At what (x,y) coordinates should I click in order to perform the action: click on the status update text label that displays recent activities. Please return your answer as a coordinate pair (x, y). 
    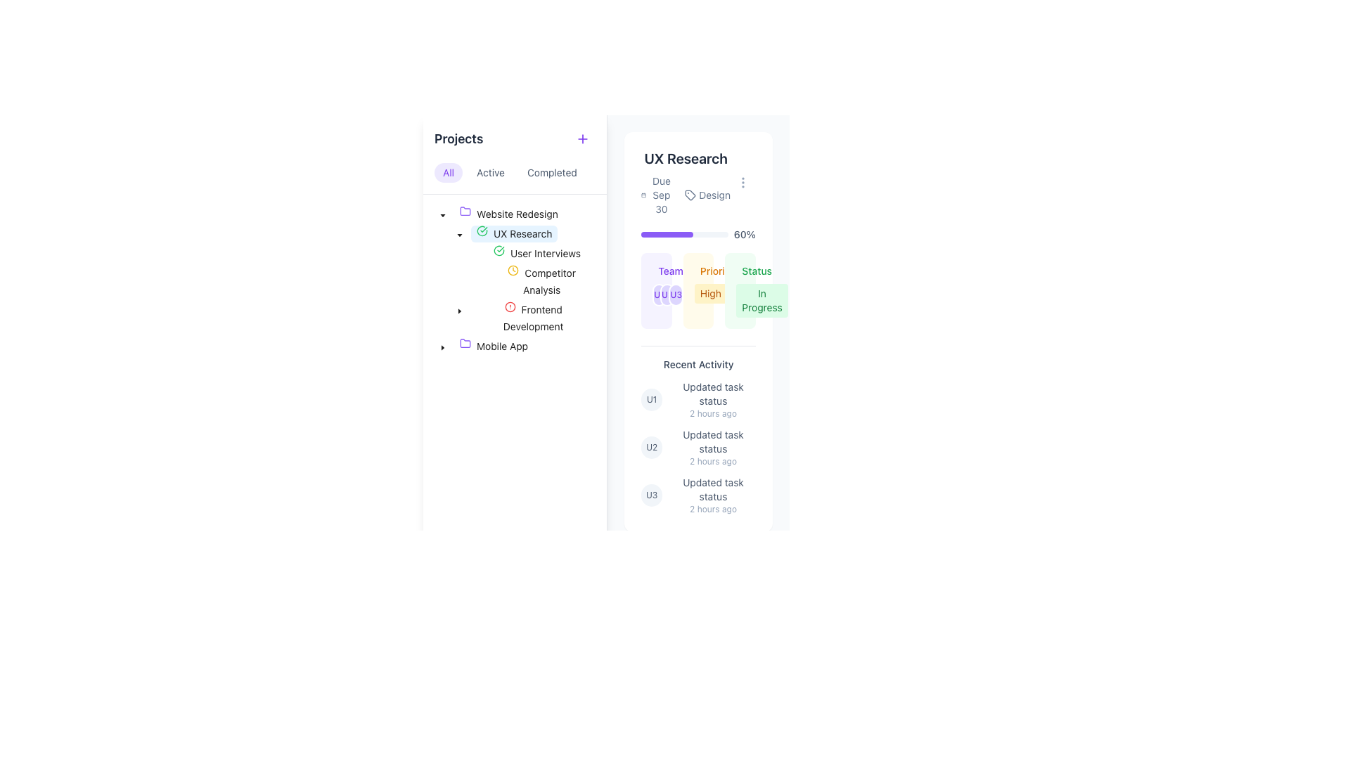
    Looking at the image, I should click on (712, 489).